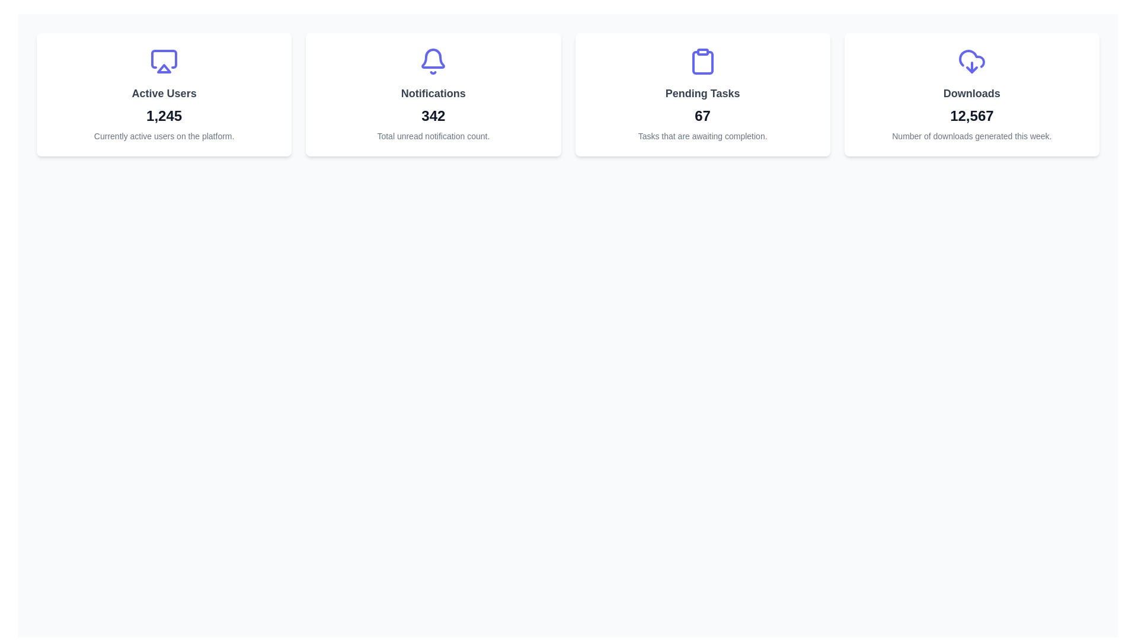 This screenshot has width=1138, height=640. I want to click on the cloud icon with a downward arrow, which is vividly indigo and located at the top center of the 'Downloads' card, so click(971, 62).